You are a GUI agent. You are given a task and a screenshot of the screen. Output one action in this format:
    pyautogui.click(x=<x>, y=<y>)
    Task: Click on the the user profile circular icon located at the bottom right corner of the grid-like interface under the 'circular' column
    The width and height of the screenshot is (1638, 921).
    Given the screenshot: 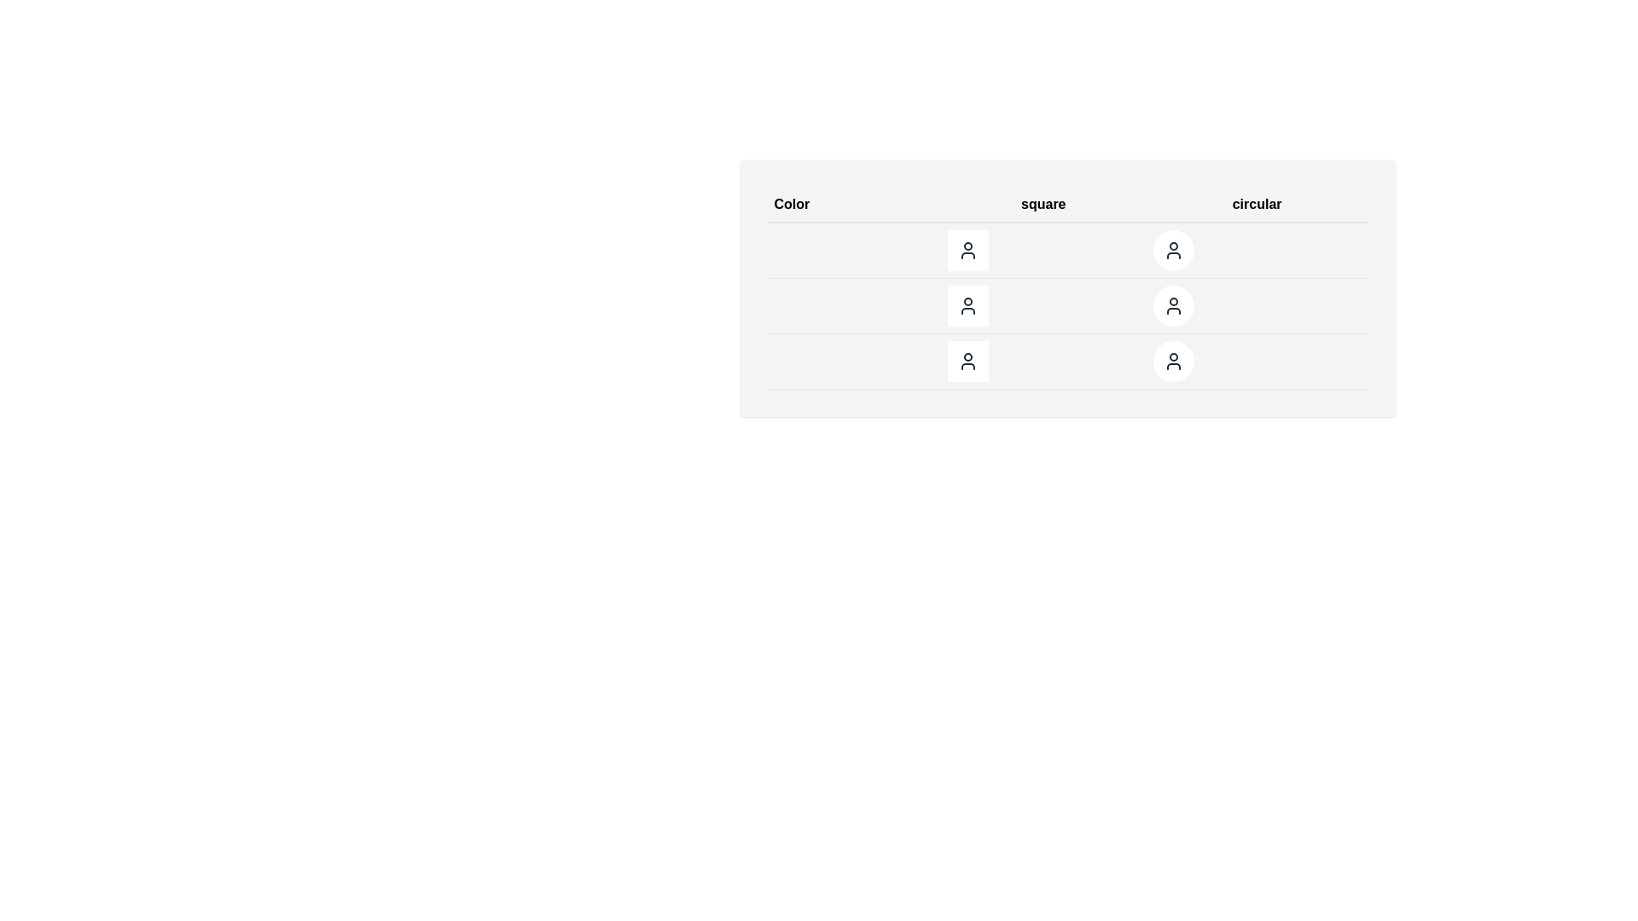 What is the action you would take?
    pyautogui.click(x=1172, y=361)
    